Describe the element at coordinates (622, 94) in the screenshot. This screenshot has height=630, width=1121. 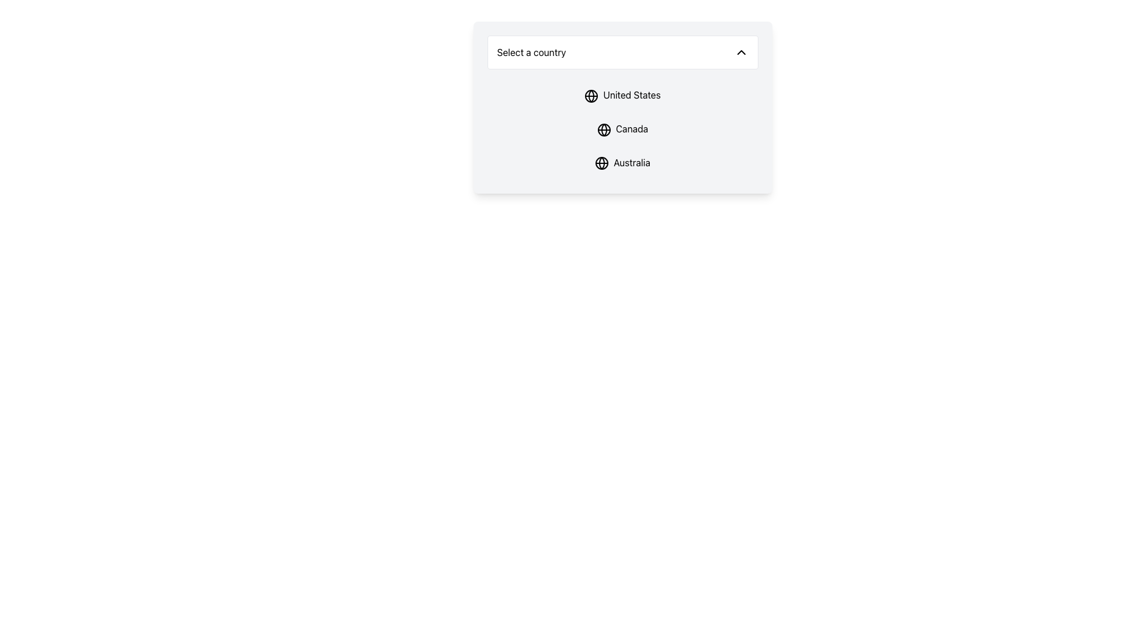
I see `the first item in the 'Select a country' dropdown menu to observe the background color change when selecting 'United States'` at that location.